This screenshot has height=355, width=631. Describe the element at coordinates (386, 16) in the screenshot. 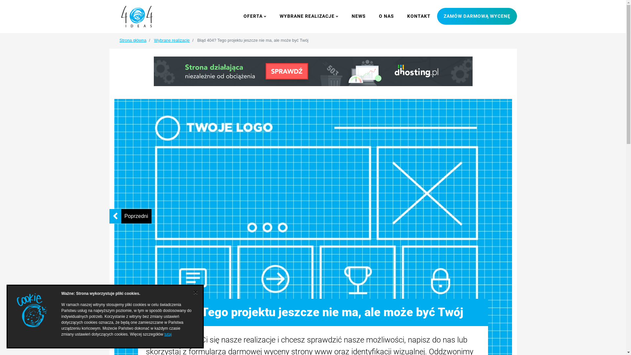

I see `'O NAS'` at that location.